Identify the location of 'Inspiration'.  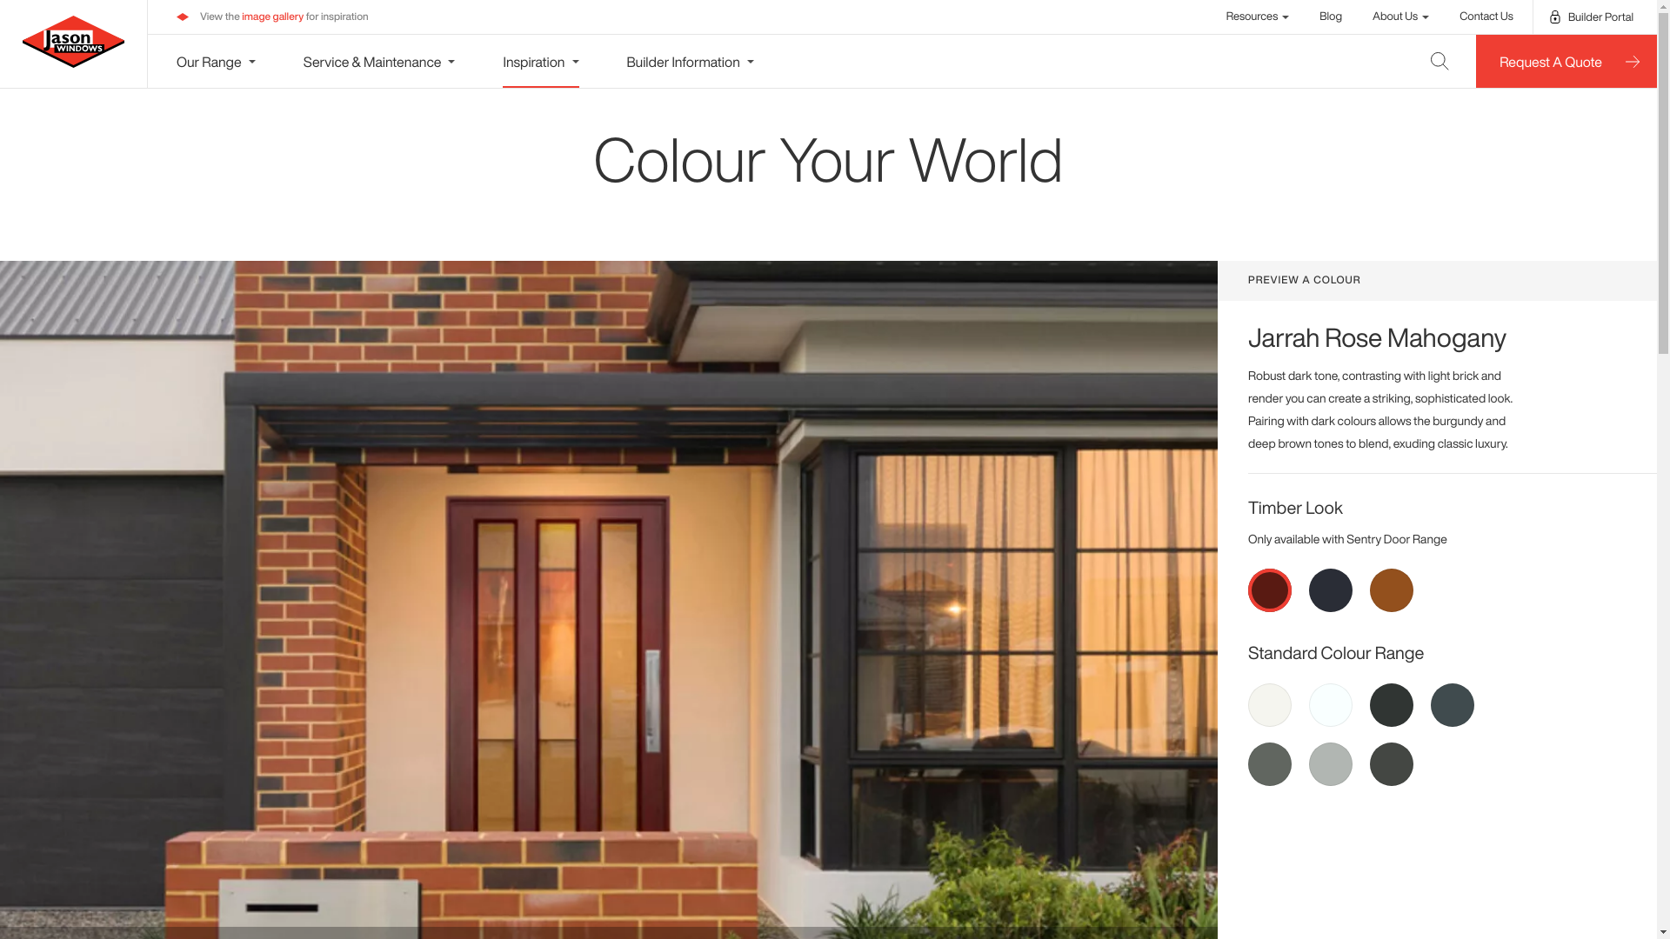
(501, 60).